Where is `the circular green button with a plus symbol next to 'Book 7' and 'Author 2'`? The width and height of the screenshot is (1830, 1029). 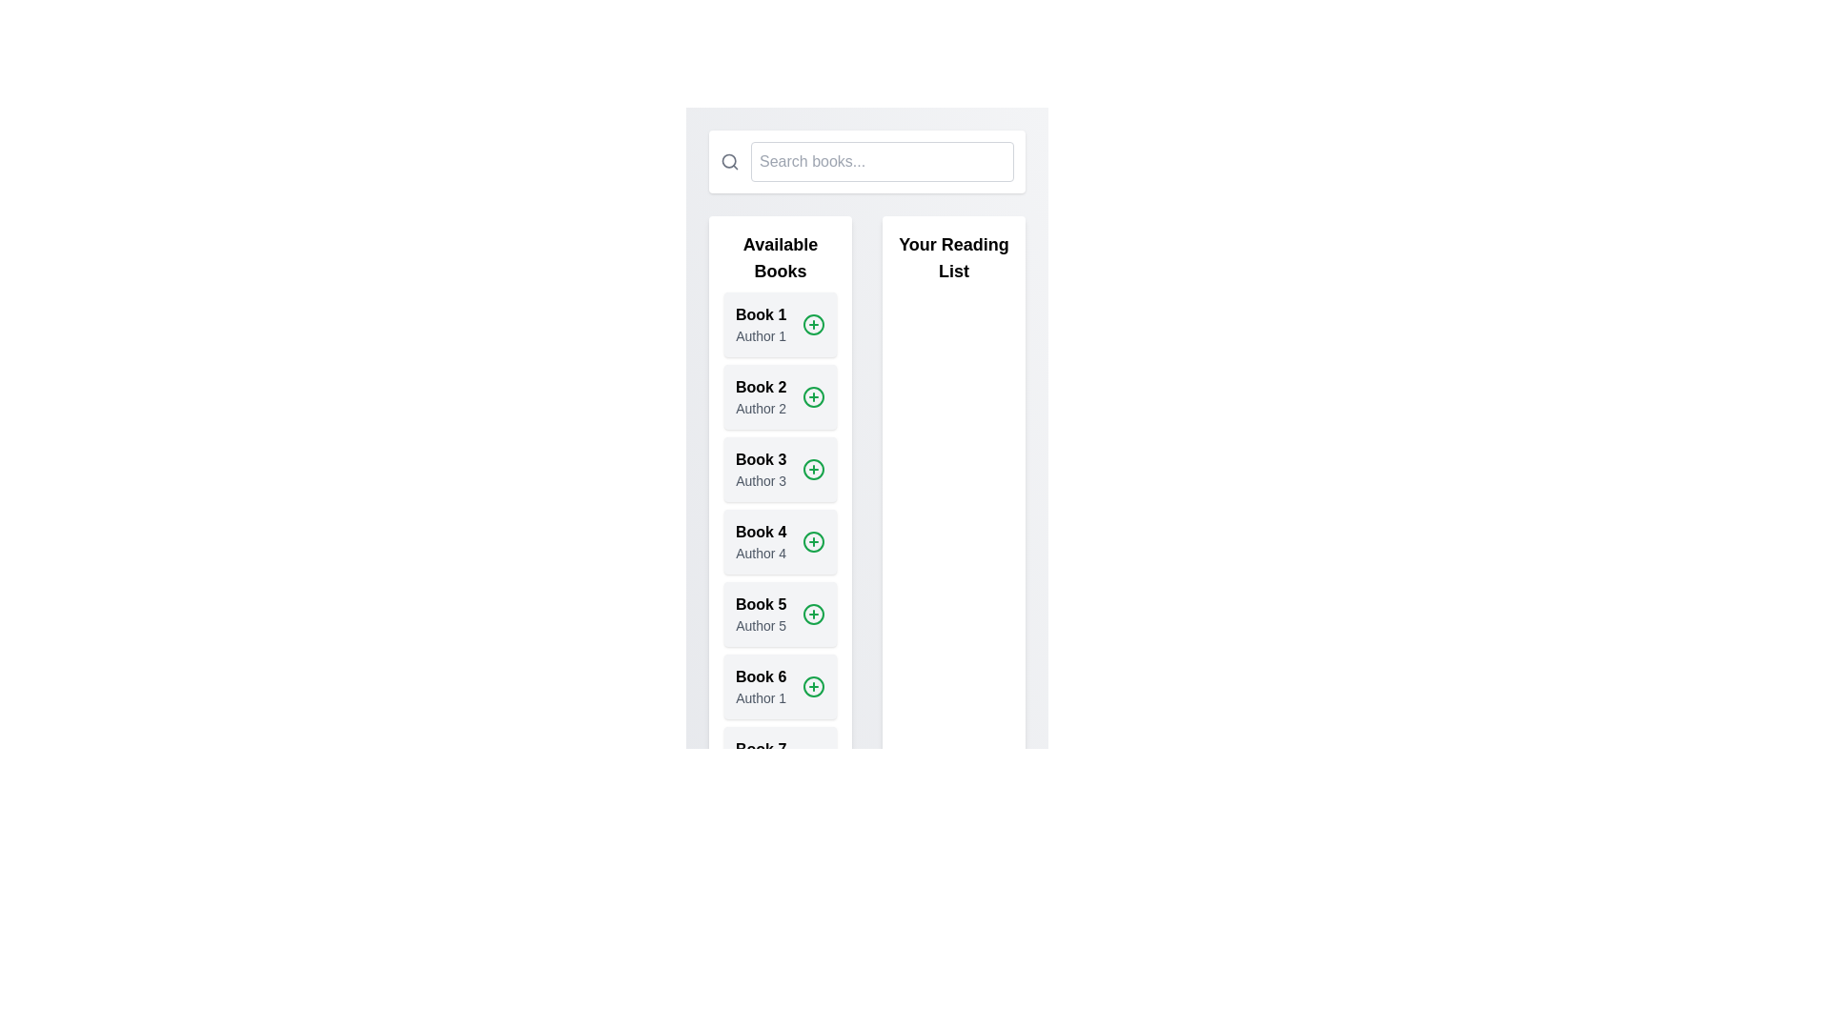 the circular green button with a plus symbol next to 'Book 7' and 'Author 2' is located at coordinates (814, 758).